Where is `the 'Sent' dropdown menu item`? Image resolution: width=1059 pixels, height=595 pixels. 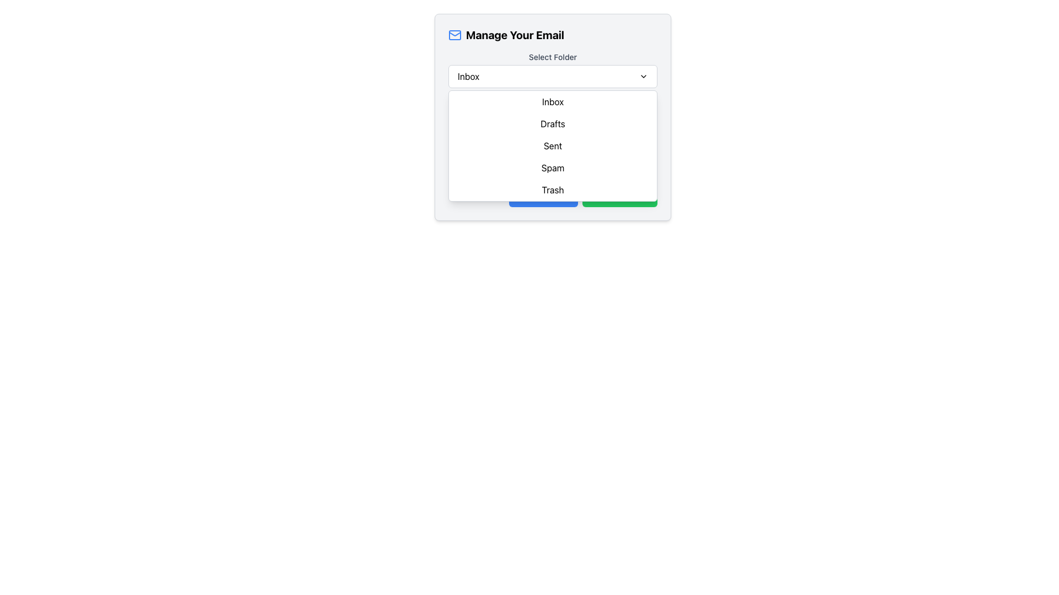
the 'Sent' dropdown menu item is located at coordinates (553, 145).